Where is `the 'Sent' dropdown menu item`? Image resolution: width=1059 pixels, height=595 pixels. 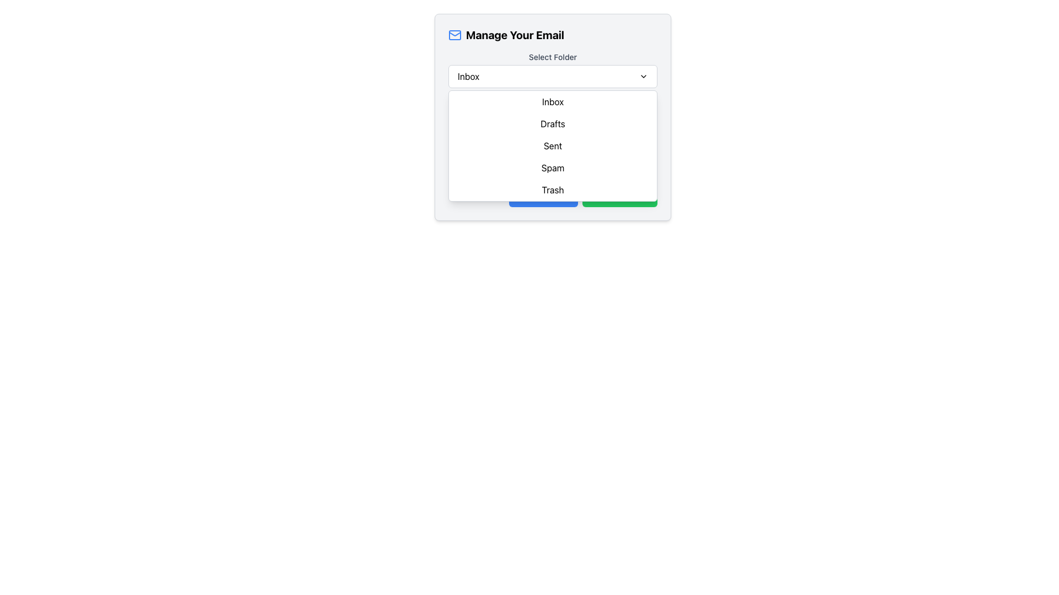
the 'Sent' dropdown menu item is located at coordinates (553, 145).